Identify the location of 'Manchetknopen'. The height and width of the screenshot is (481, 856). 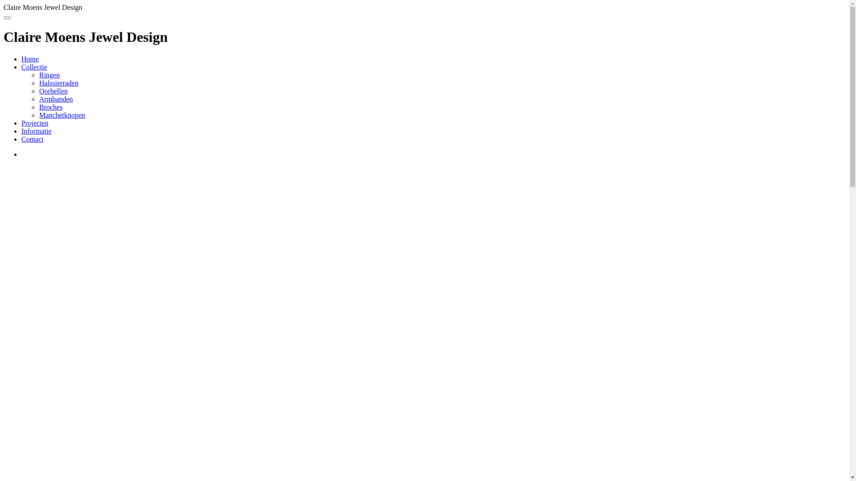
(62, 114).